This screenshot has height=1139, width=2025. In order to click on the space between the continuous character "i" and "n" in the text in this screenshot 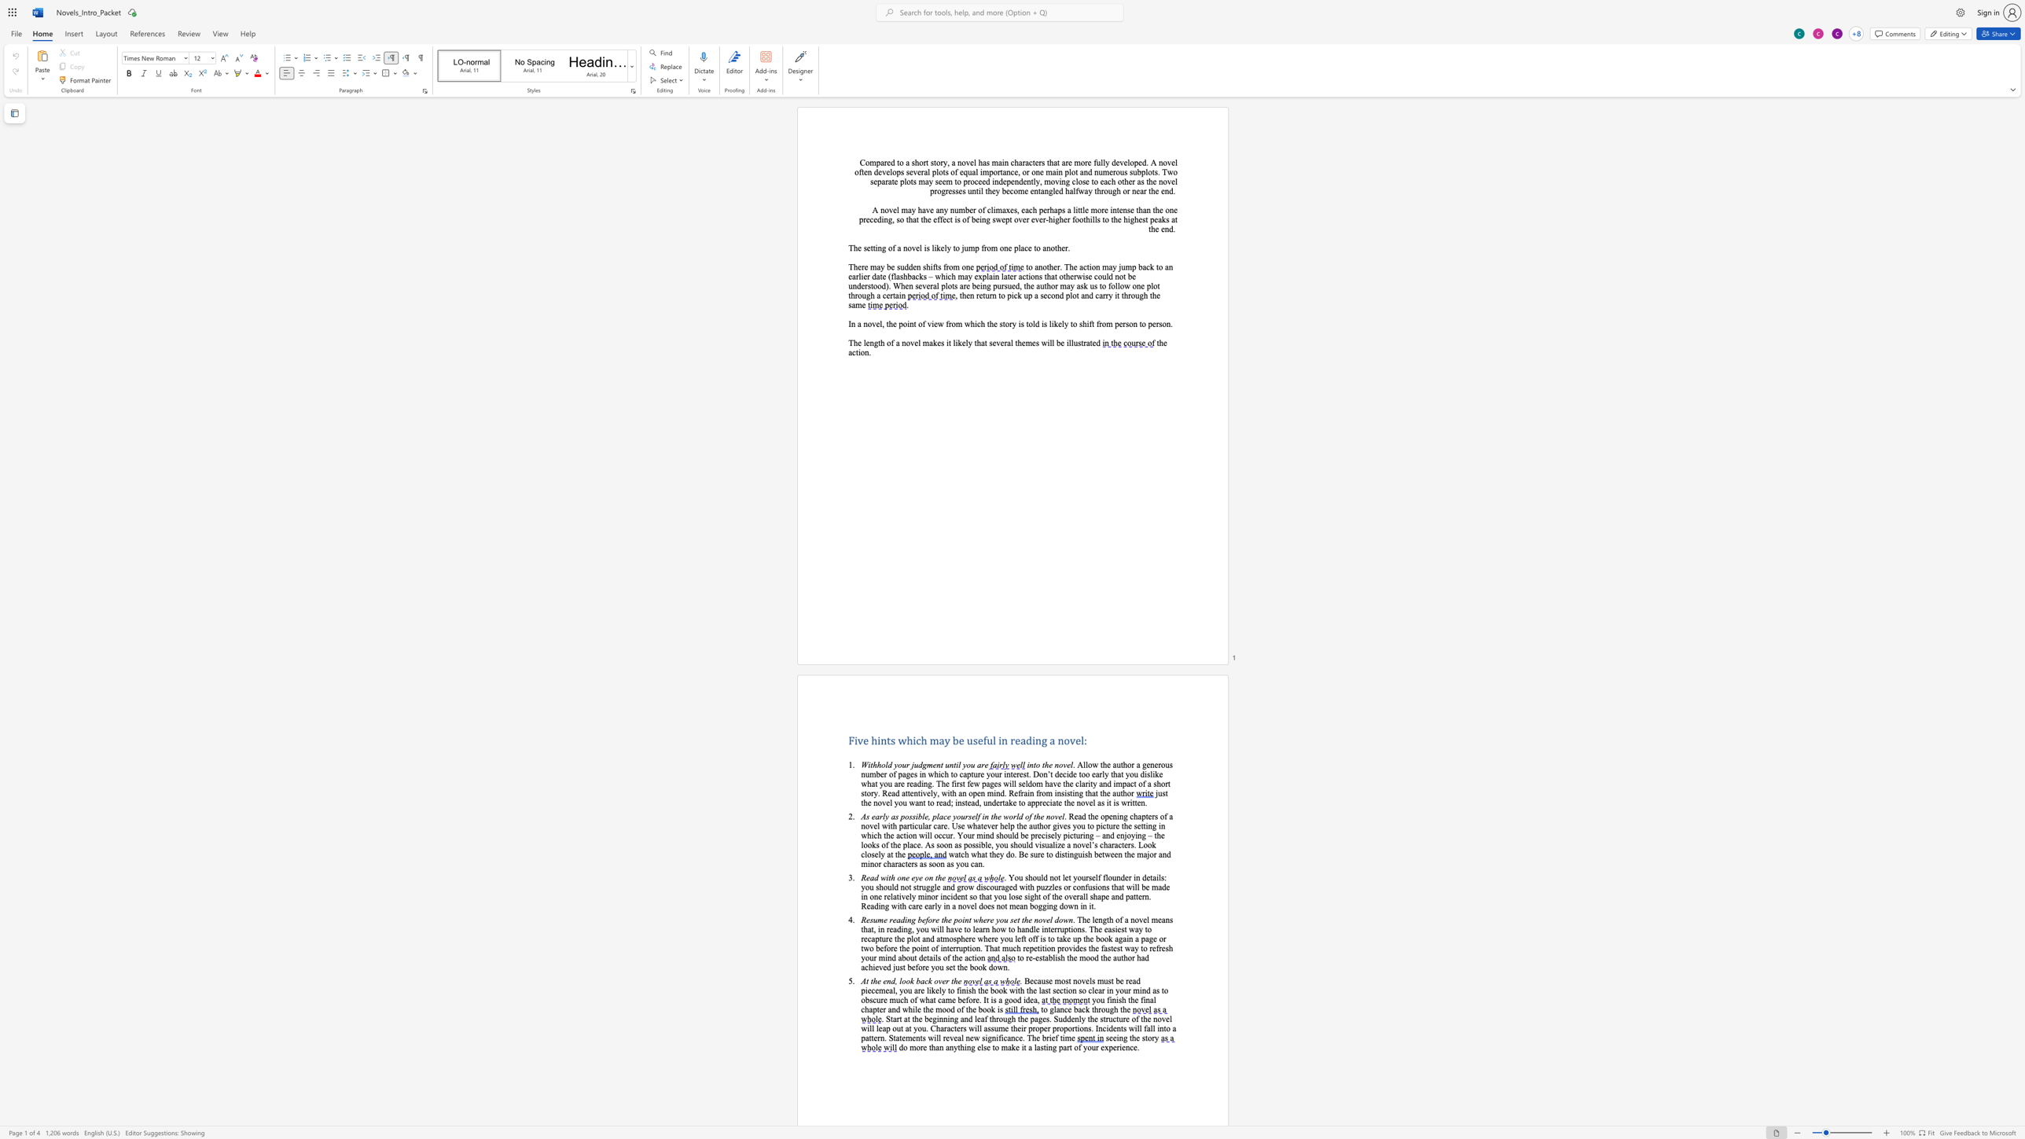, I will do `click(1029, 764)`.